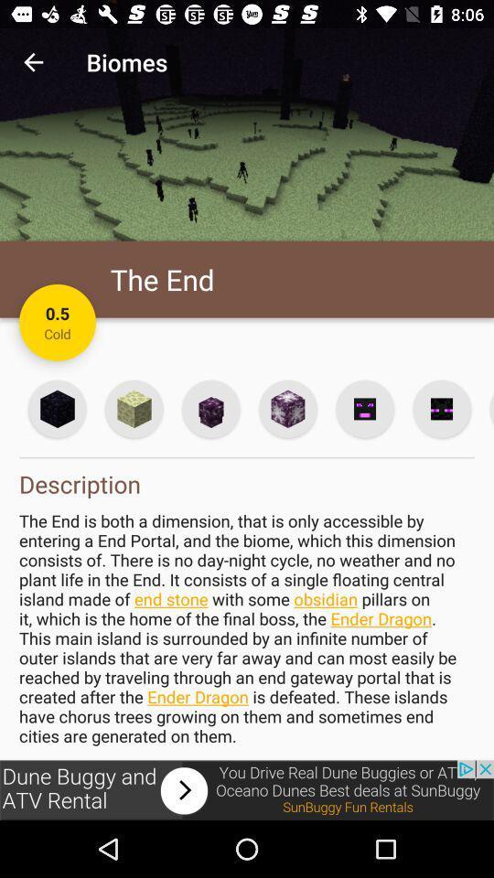 The height and width of the screenshot is (878, 494). I want to click on the videocam icon, so click(440, 409).